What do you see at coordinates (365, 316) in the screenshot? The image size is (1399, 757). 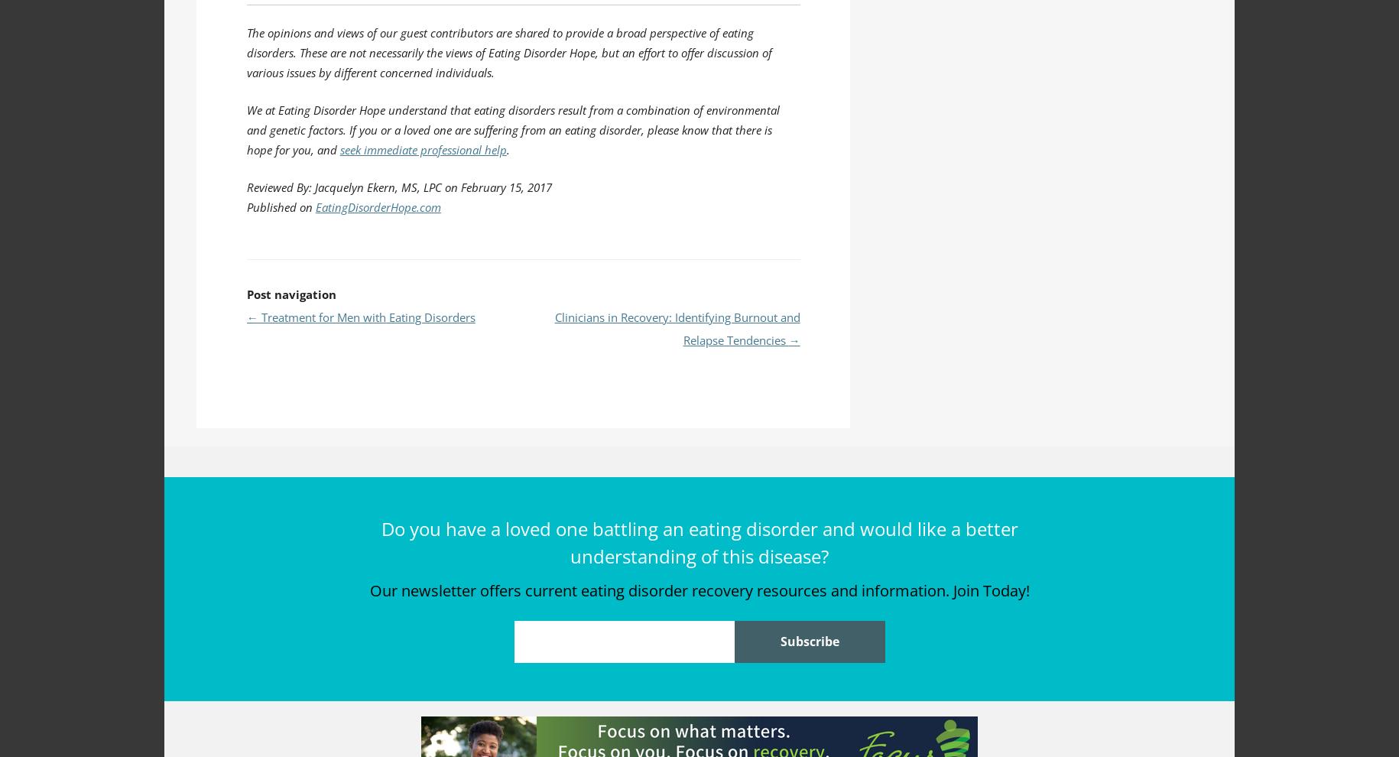 I see `'Treatment for Men with Eating Disorders'` at bounding box center [365, 316].